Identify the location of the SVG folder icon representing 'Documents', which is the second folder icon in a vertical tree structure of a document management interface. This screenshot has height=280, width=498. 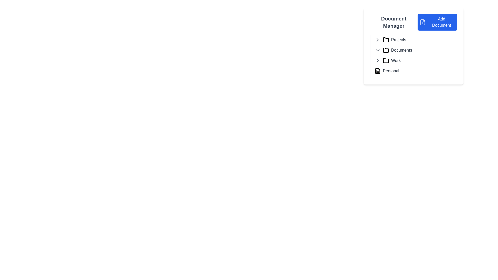
(386, 50).